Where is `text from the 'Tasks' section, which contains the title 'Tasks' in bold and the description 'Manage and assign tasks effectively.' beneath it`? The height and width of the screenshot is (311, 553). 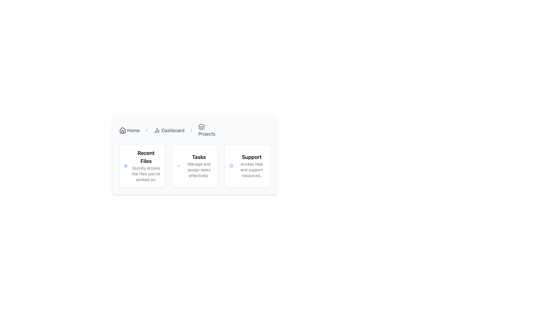
text from the 'Tasks' section, which contains the title 'Tasks' in bold and the description 'Manage and assign tasks effectively.' beneath it is located at coordinates (199, 166).